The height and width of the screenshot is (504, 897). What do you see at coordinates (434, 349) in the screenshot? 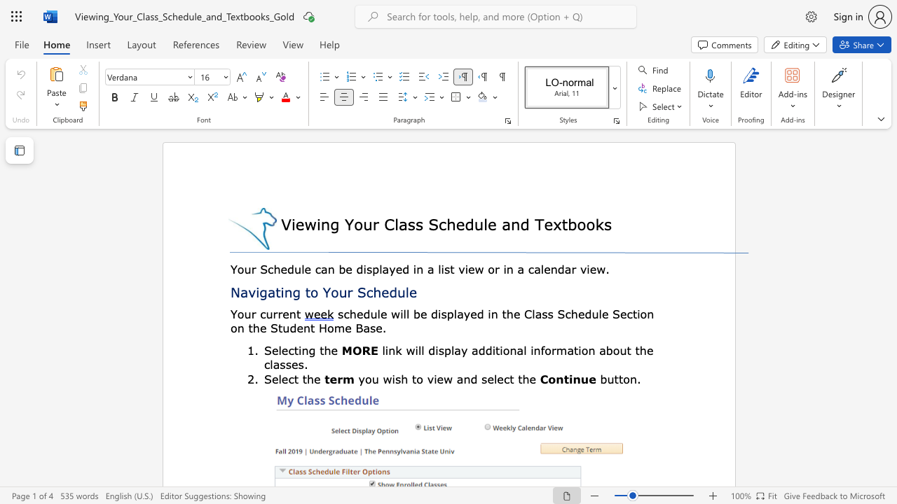
I see `the subset text "ispl" within the text "link will display"` at bounding box center [434, 349].